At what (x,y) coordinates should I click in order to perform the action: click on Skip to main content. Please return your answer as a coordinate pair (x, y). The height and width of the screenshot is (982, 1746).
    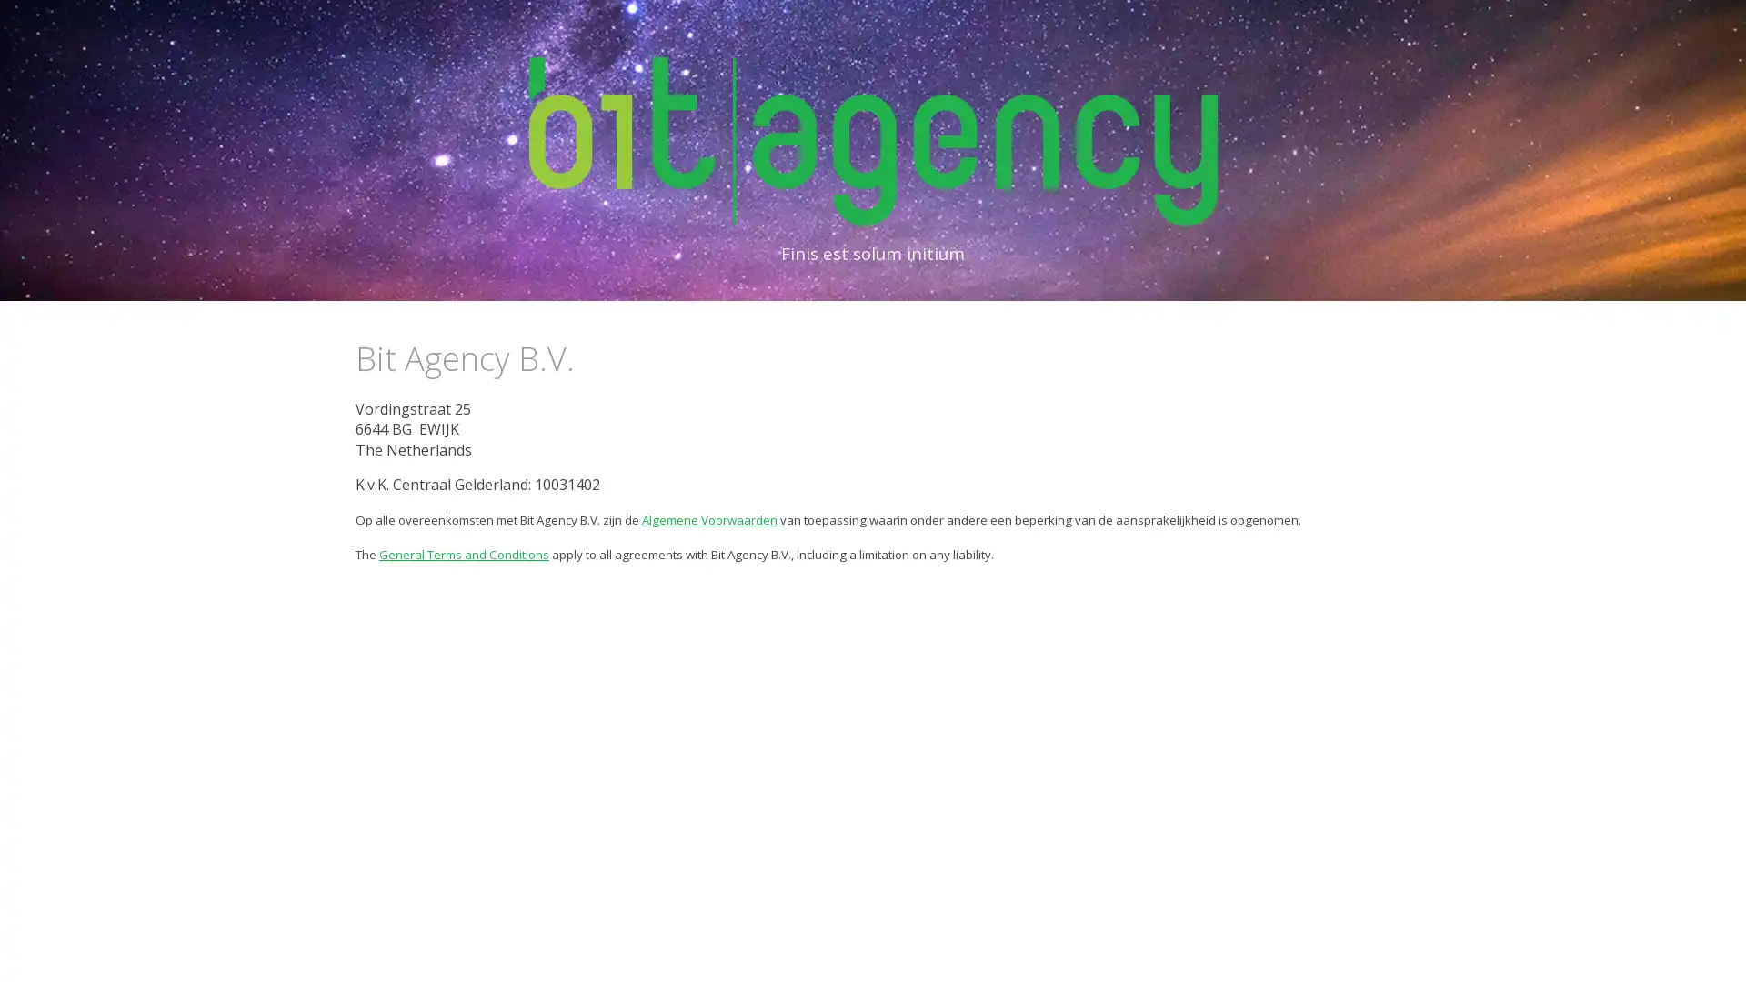
    Looking at the image, I should click on (716, 34).